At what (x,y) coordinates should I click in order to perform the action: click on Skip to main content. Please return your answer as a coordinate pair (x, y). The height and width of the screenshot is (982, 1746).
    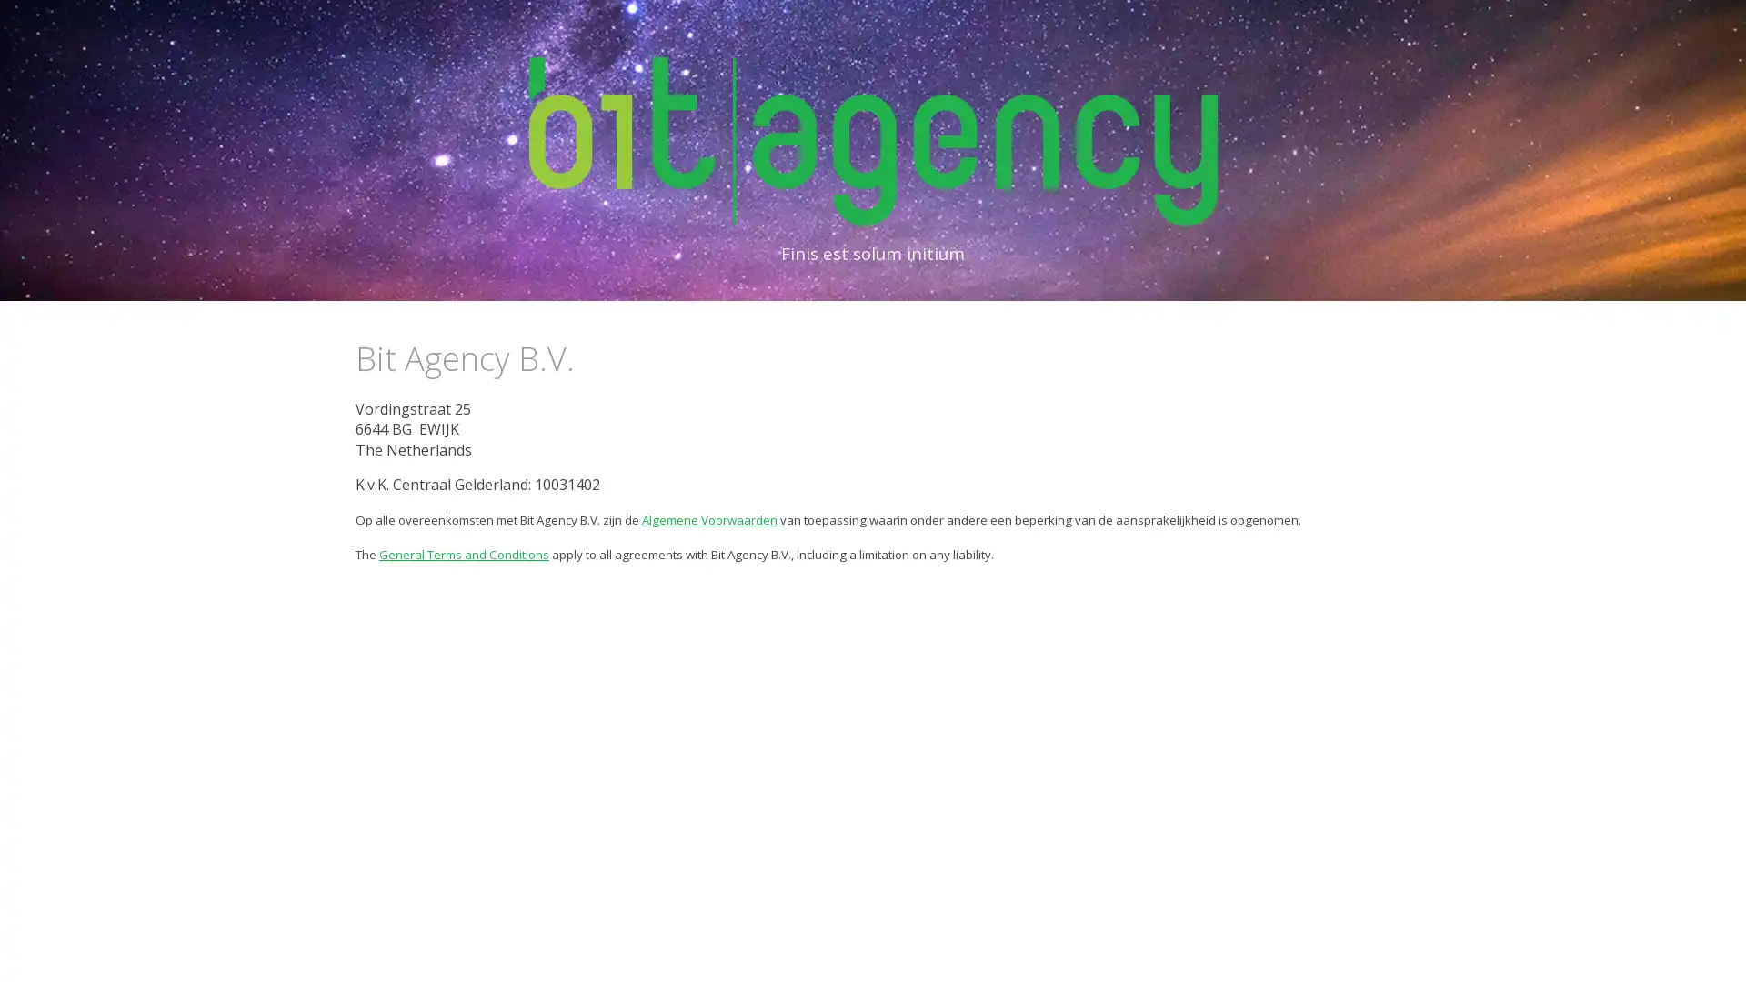
    Looking at the image, I should click on (716, 34).